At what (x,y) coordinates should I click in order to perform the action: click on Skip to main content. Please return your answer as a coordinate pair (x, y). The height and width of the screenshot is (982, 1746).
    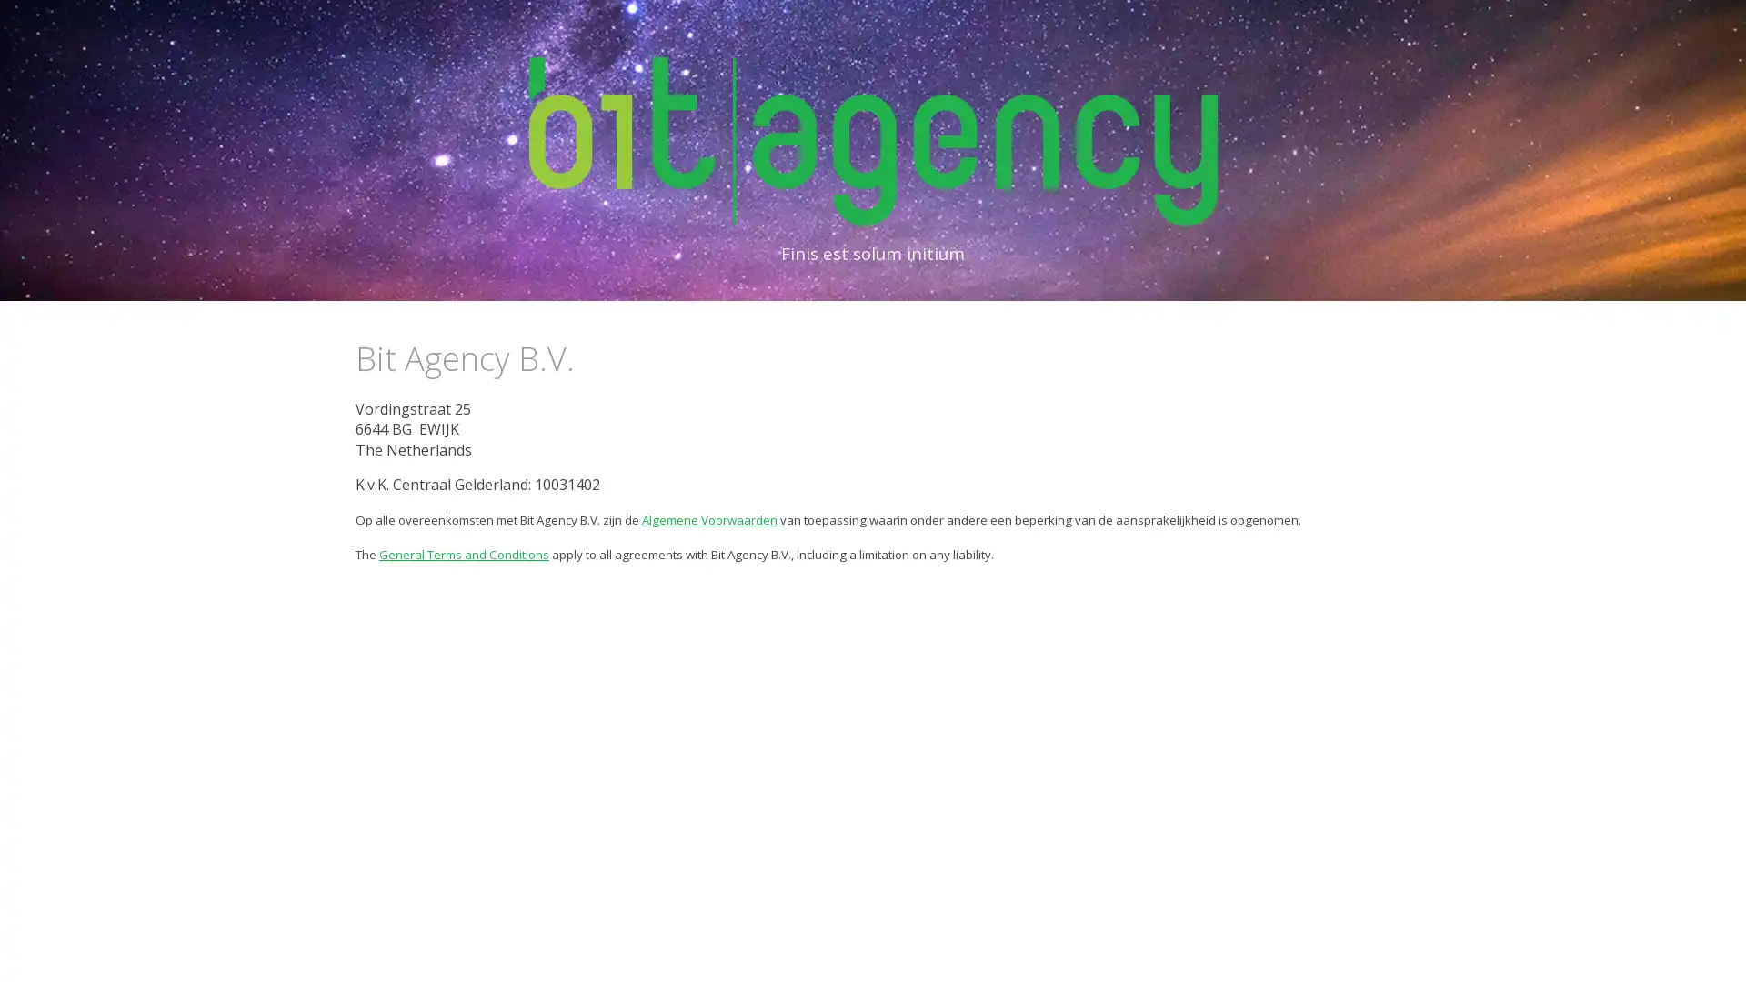
    Looking at the image, I should click on (716, 34).